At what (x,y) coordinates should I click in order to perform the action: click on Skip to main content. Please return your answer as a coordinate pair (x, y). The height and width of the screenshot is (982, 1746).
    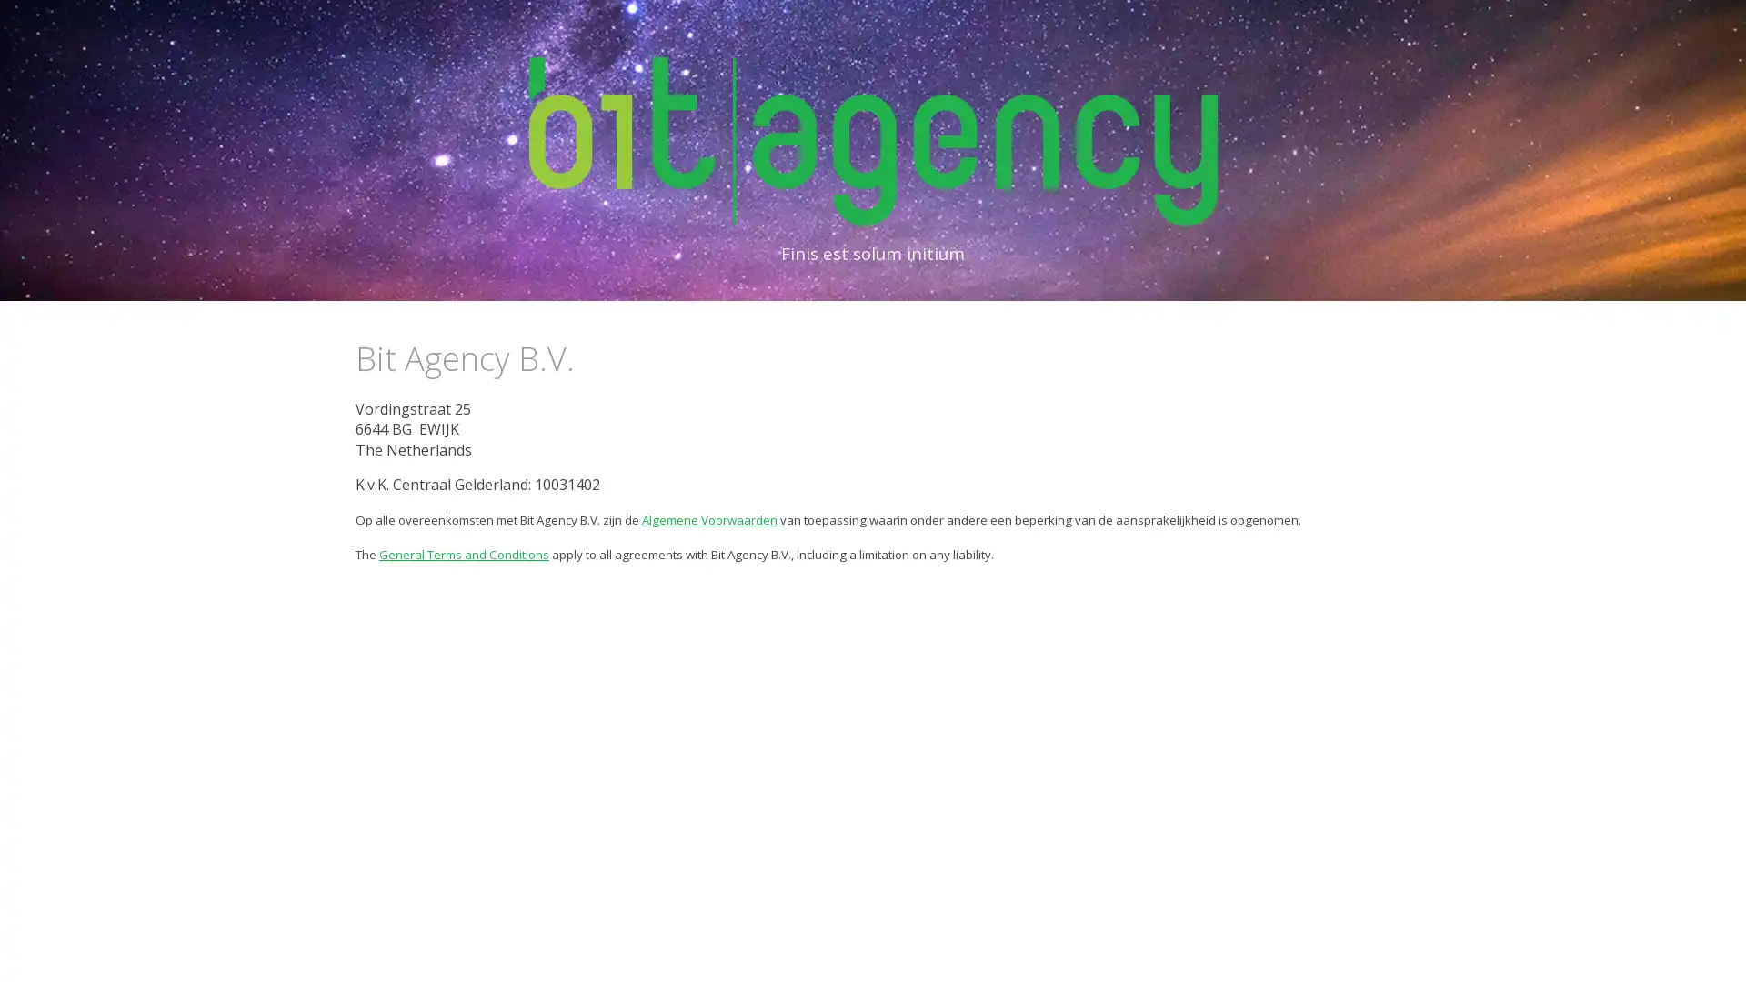
    Looking at the image, I should click on (716, 34).